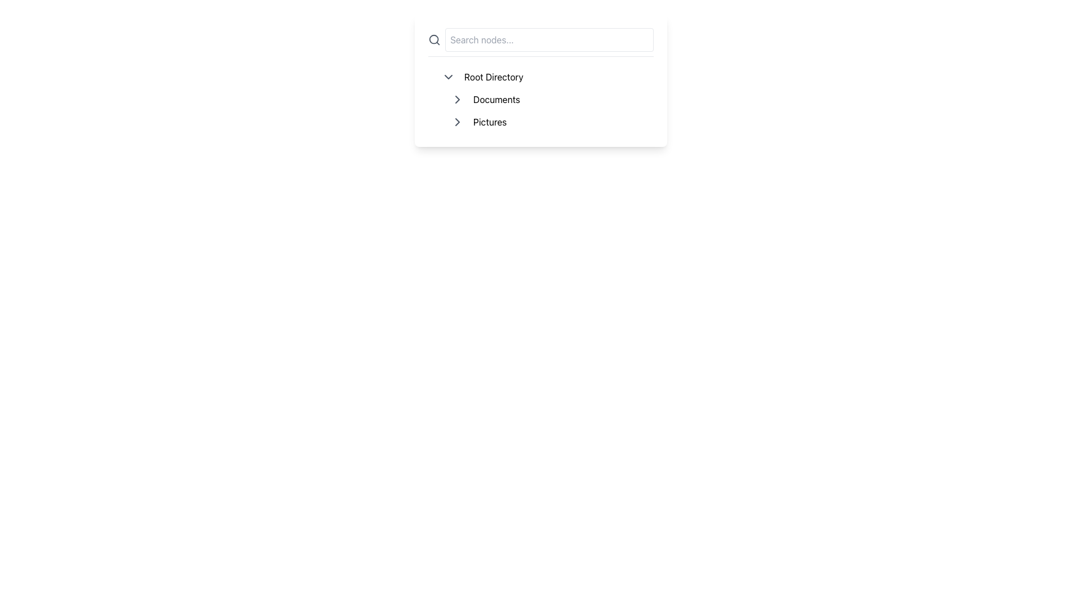 This screenshot has width=1082, height=608. Describe the element at coordinates (448, 77) in the screenshot. I see `the Chevron icon located to the left of the 'Root Directory' label` at that location.